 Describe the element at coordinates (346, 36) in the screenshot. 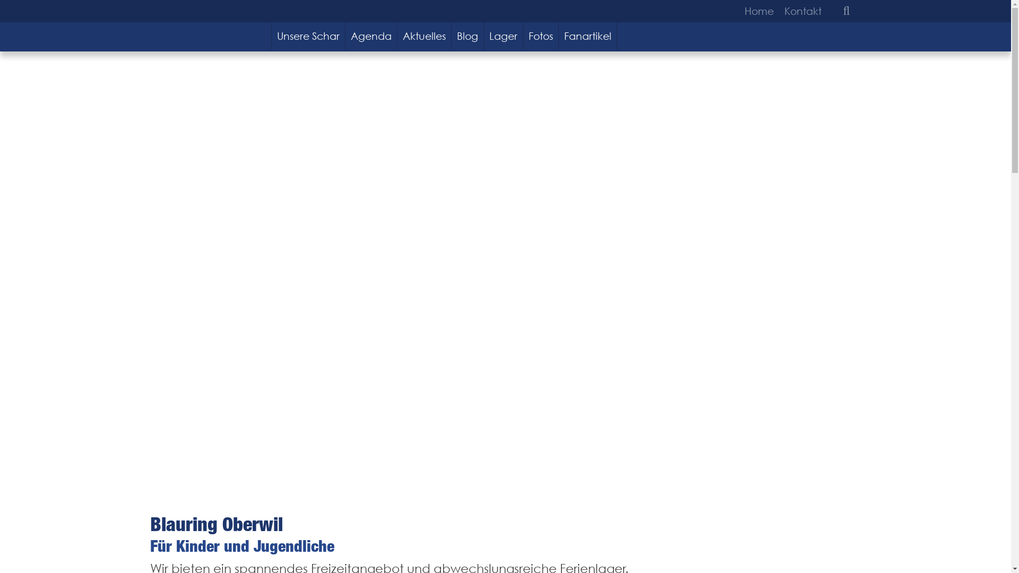

I see `'Agenda'` at that location.